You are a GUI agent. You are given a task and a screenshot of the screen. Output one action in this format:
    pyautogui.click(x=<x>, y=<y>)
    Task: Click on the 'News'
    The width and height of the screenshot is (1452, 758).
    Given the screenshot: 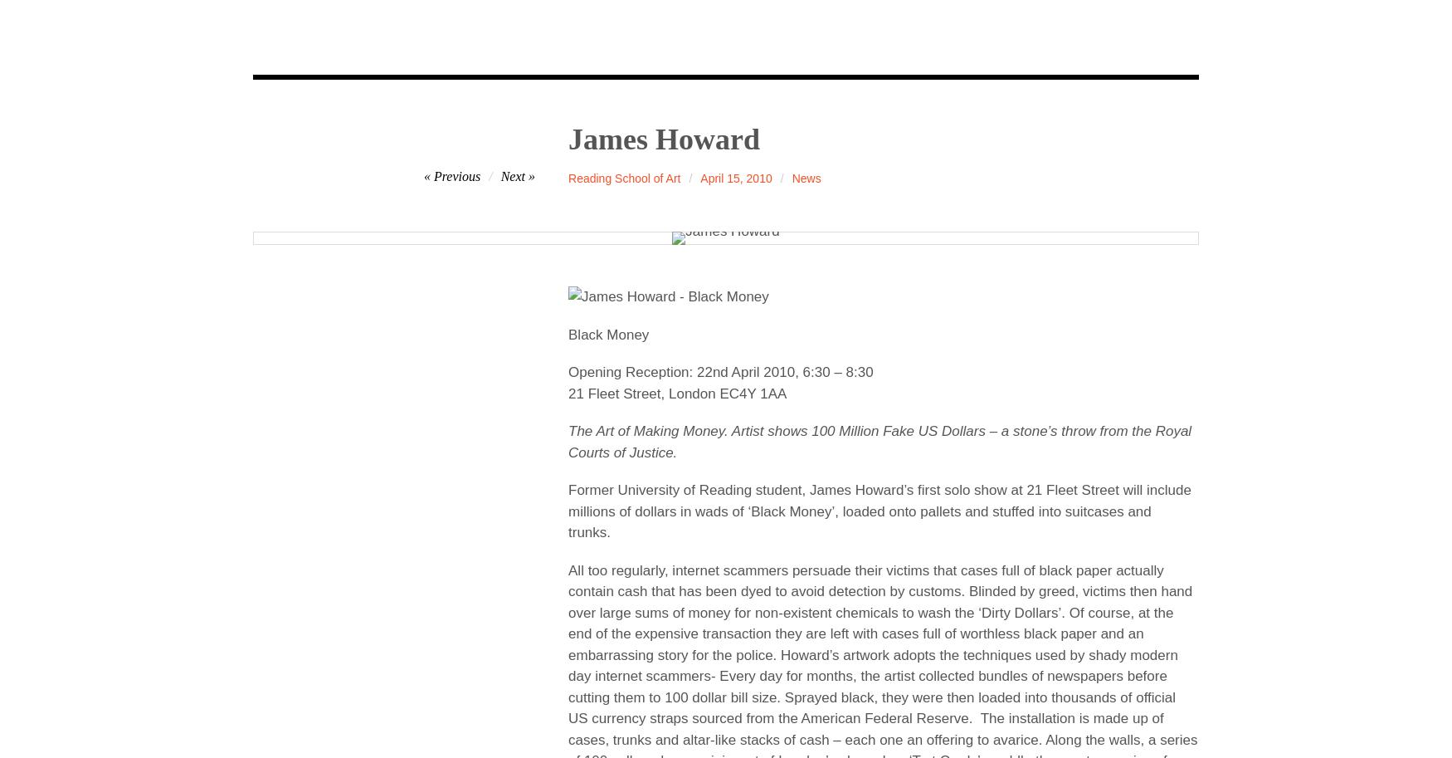 What is the action you would take?
    pyautogui.click(x=806, y=178)
    